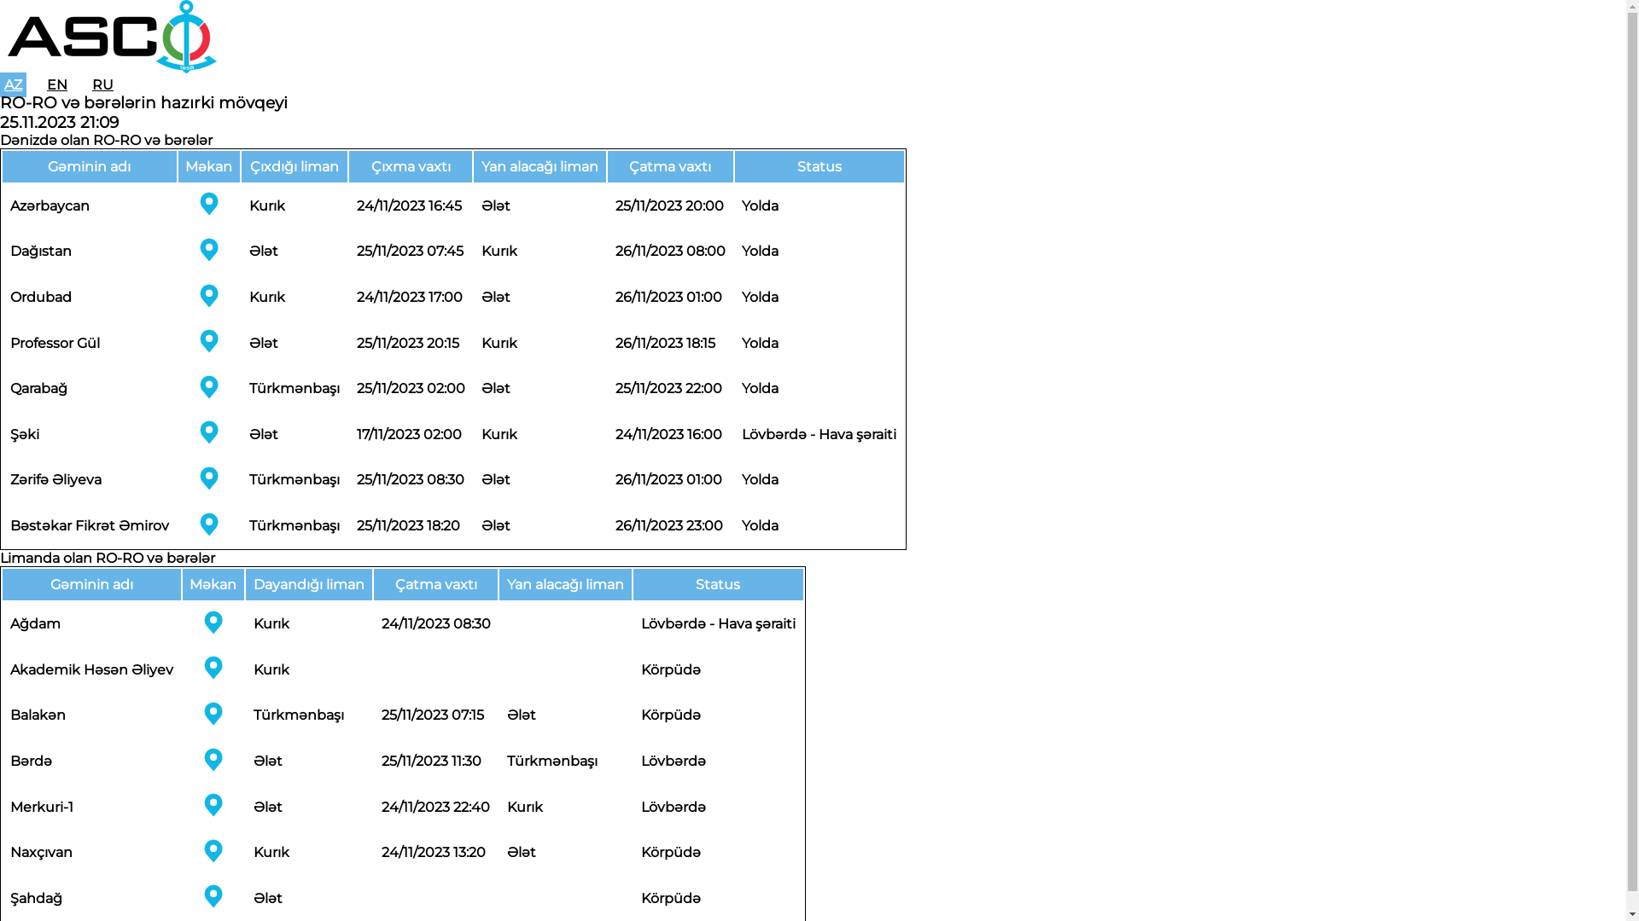  I want to click on 'EN', so click(42, 84).